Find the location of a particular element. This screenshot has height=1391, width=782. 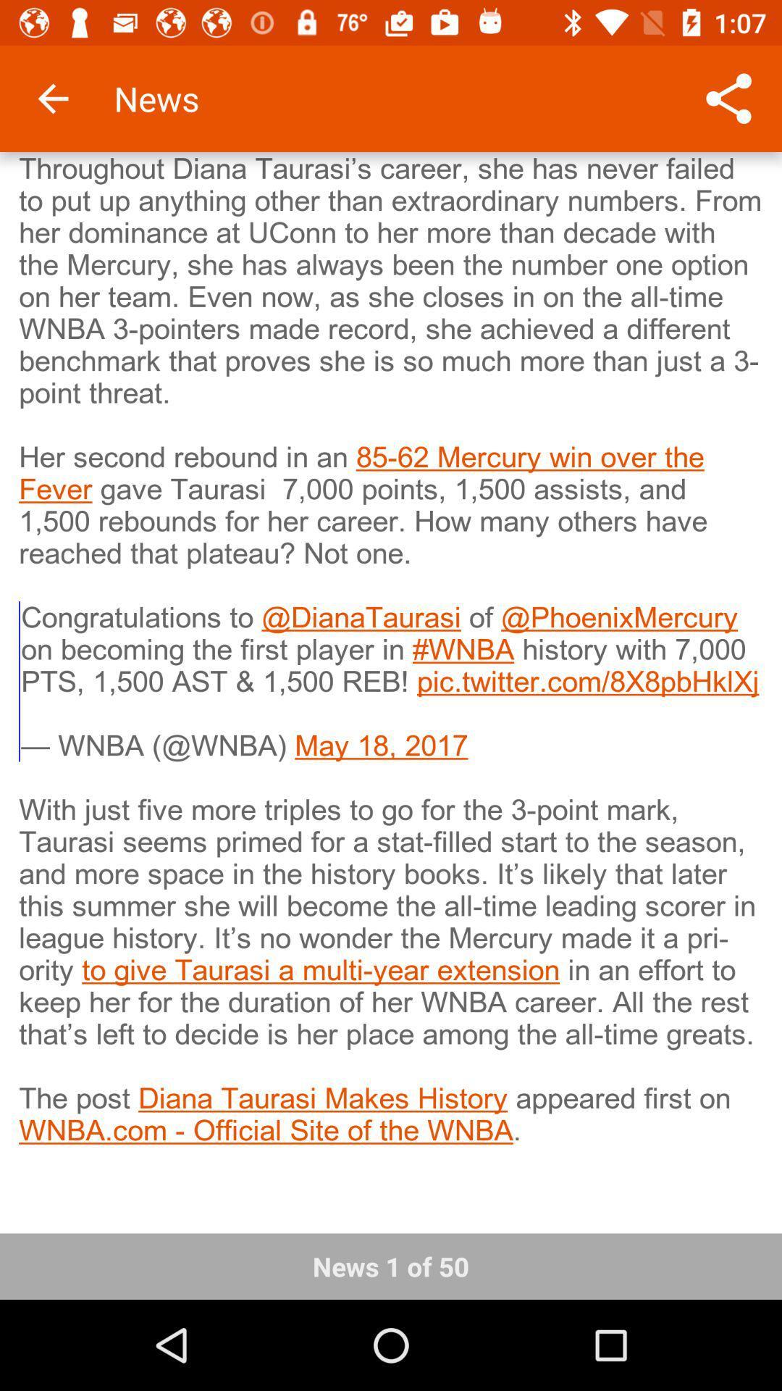

the throughout diana taurasi icon is located at coordinates (391, 682).